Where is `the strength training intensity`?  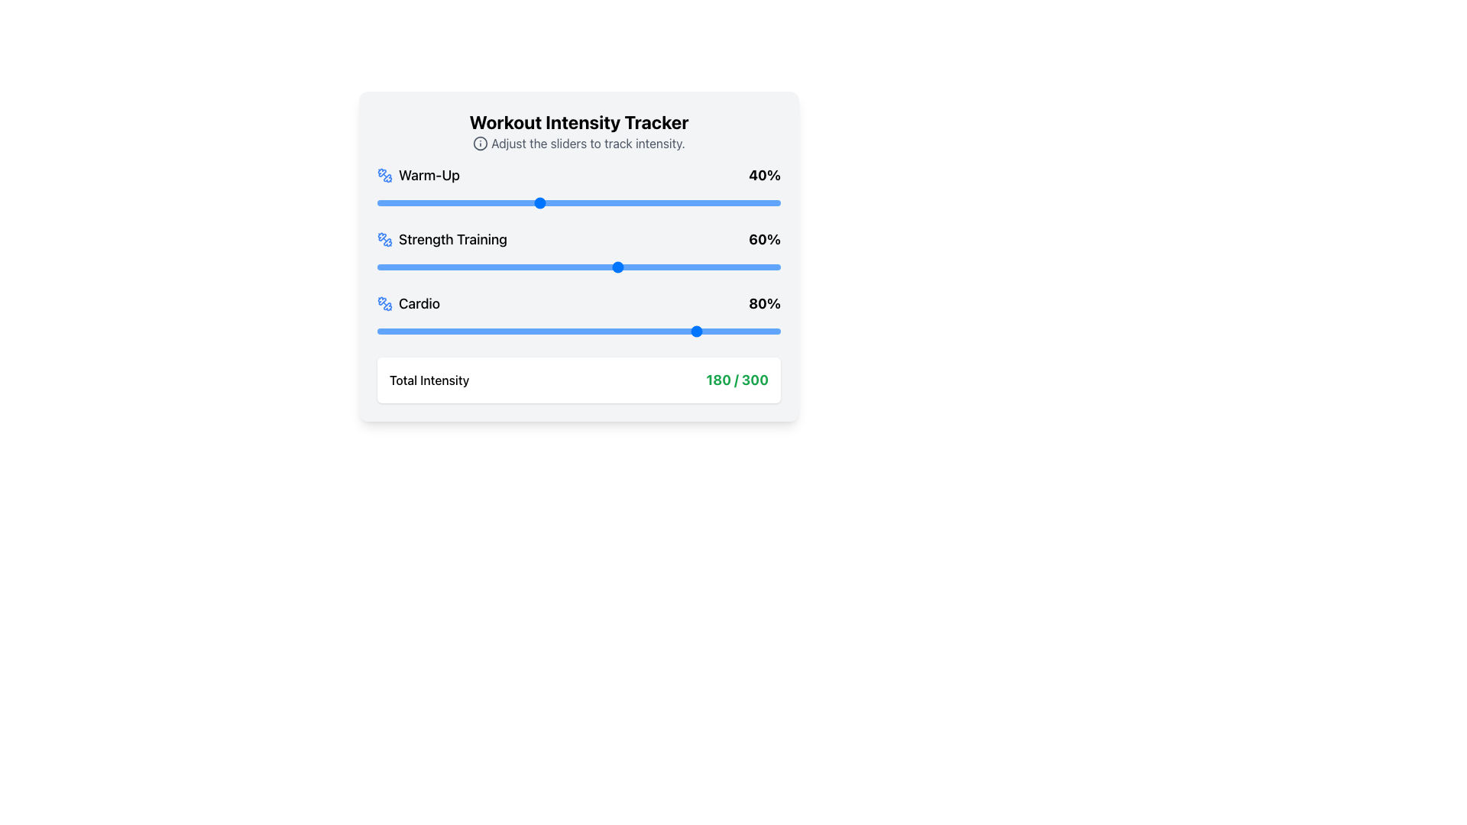
the strength training intensity is located at coordinates (590, 267).